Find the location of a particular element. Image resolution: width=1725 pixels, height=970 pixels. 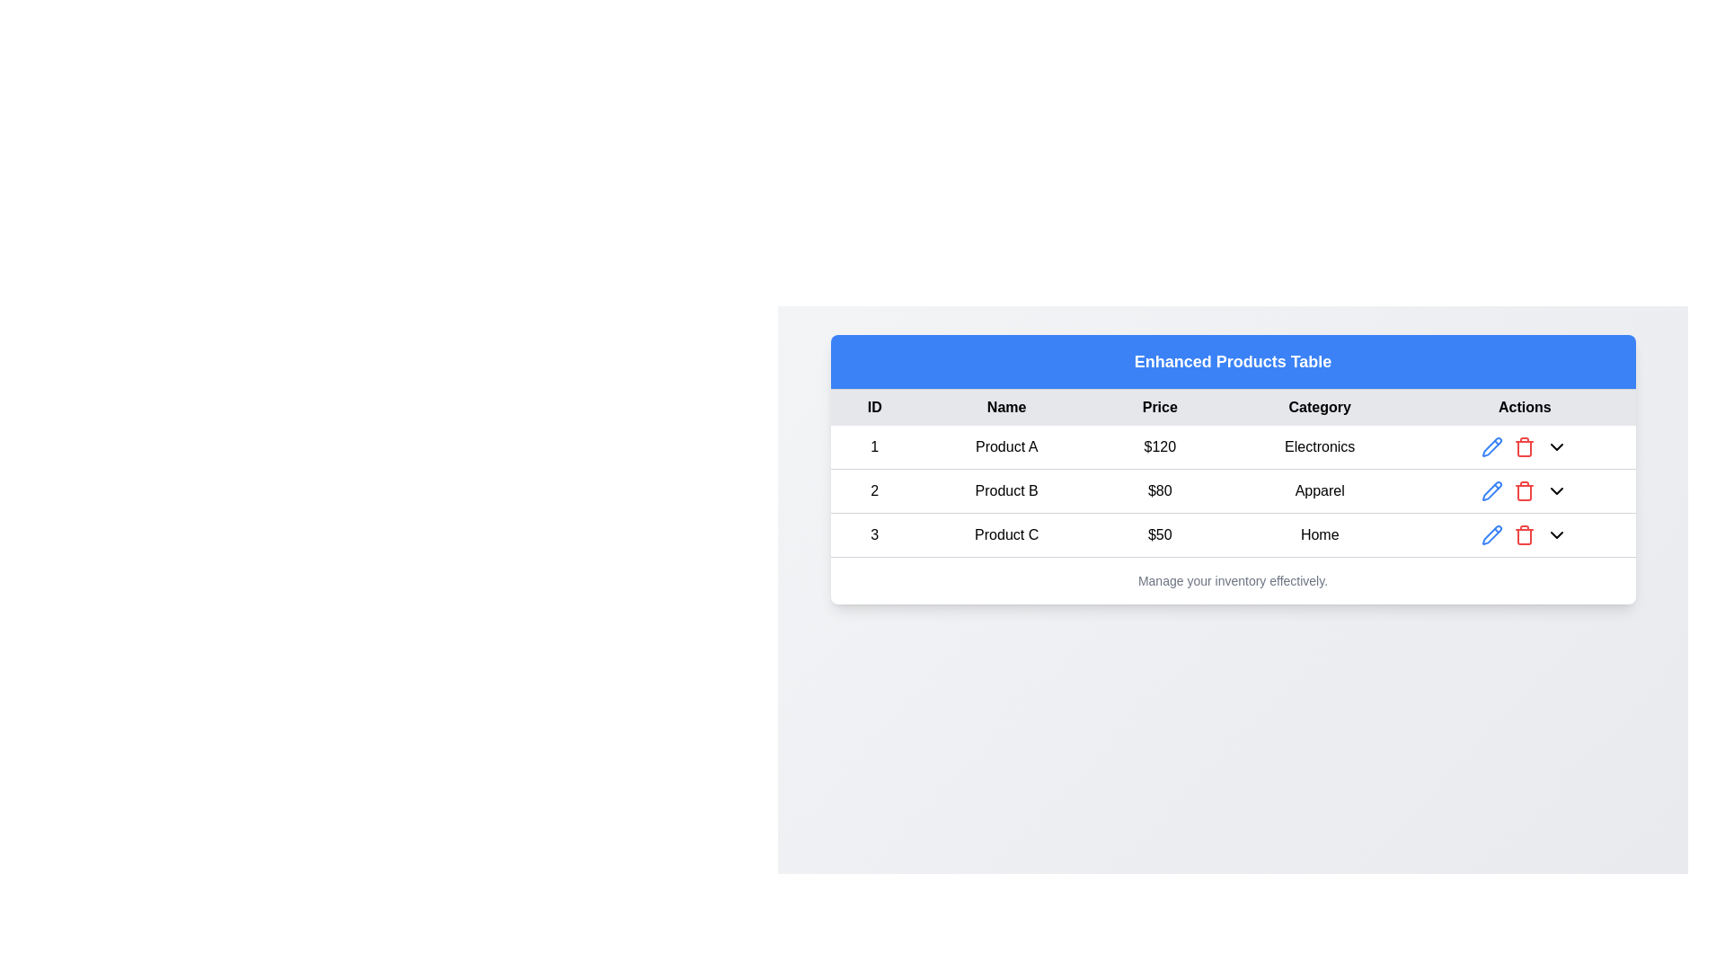

text 'Product B' located in the second row and second column of the table cell is located at coordinates (1006, 491).